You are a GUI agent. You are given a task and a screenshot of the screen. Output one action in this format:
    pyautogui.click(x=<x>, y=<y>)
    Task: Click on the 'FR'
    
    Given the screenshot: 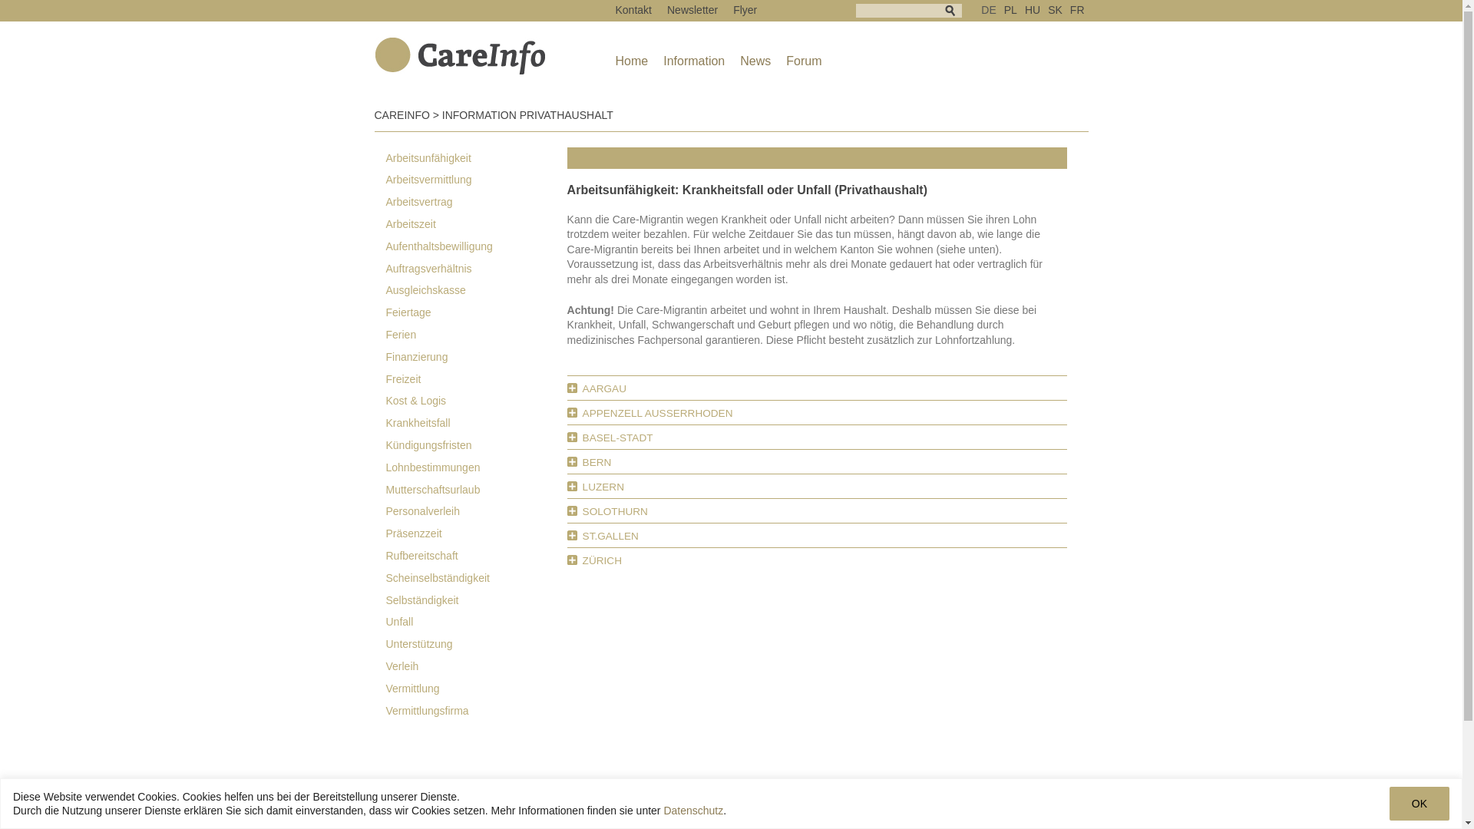 What is the action you would take?
    pyautogui.click(x=1076, y=9)
    